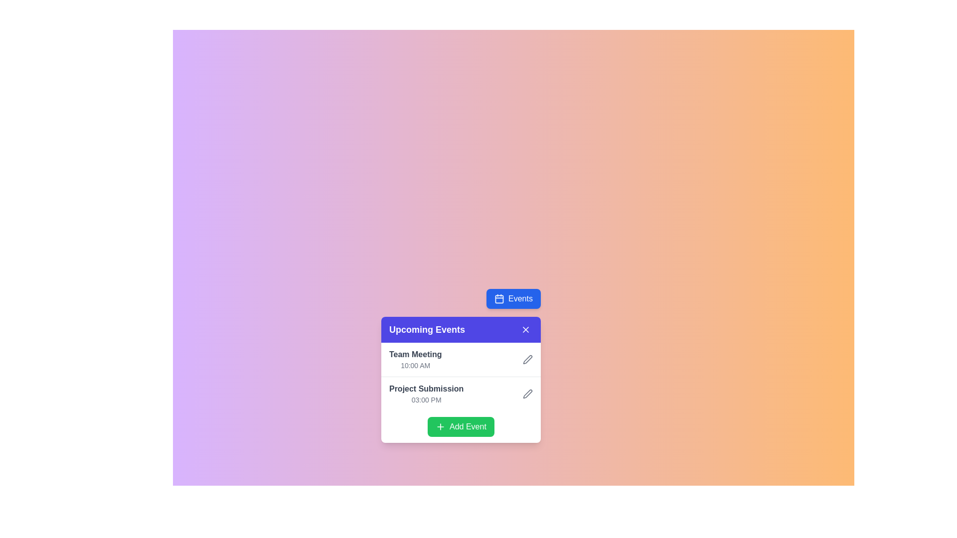 This screenshot has width=957, height=538. What do you see at coordinates (415, 365) in the screenshot?
I see `the static text label displaying the time for the 'Team Meeting' event, which is located below the event title and aligned to its left` at bounding box center [415, 365].